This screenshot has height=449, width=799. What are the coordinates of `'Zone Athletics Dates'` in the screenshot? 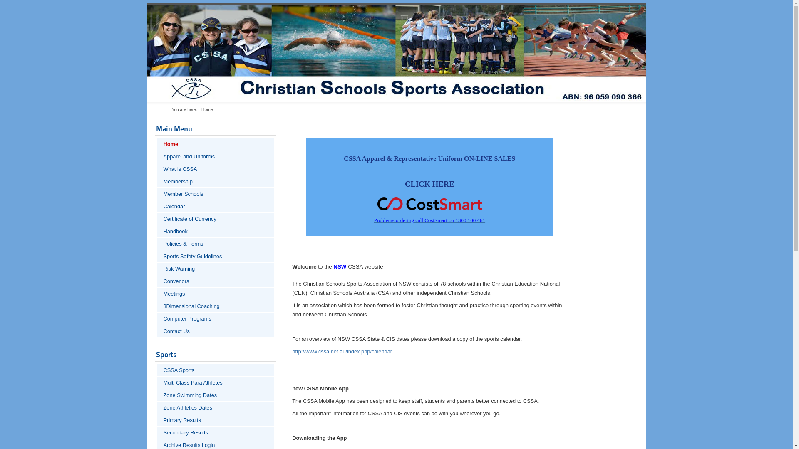 It's located at (157, 407).